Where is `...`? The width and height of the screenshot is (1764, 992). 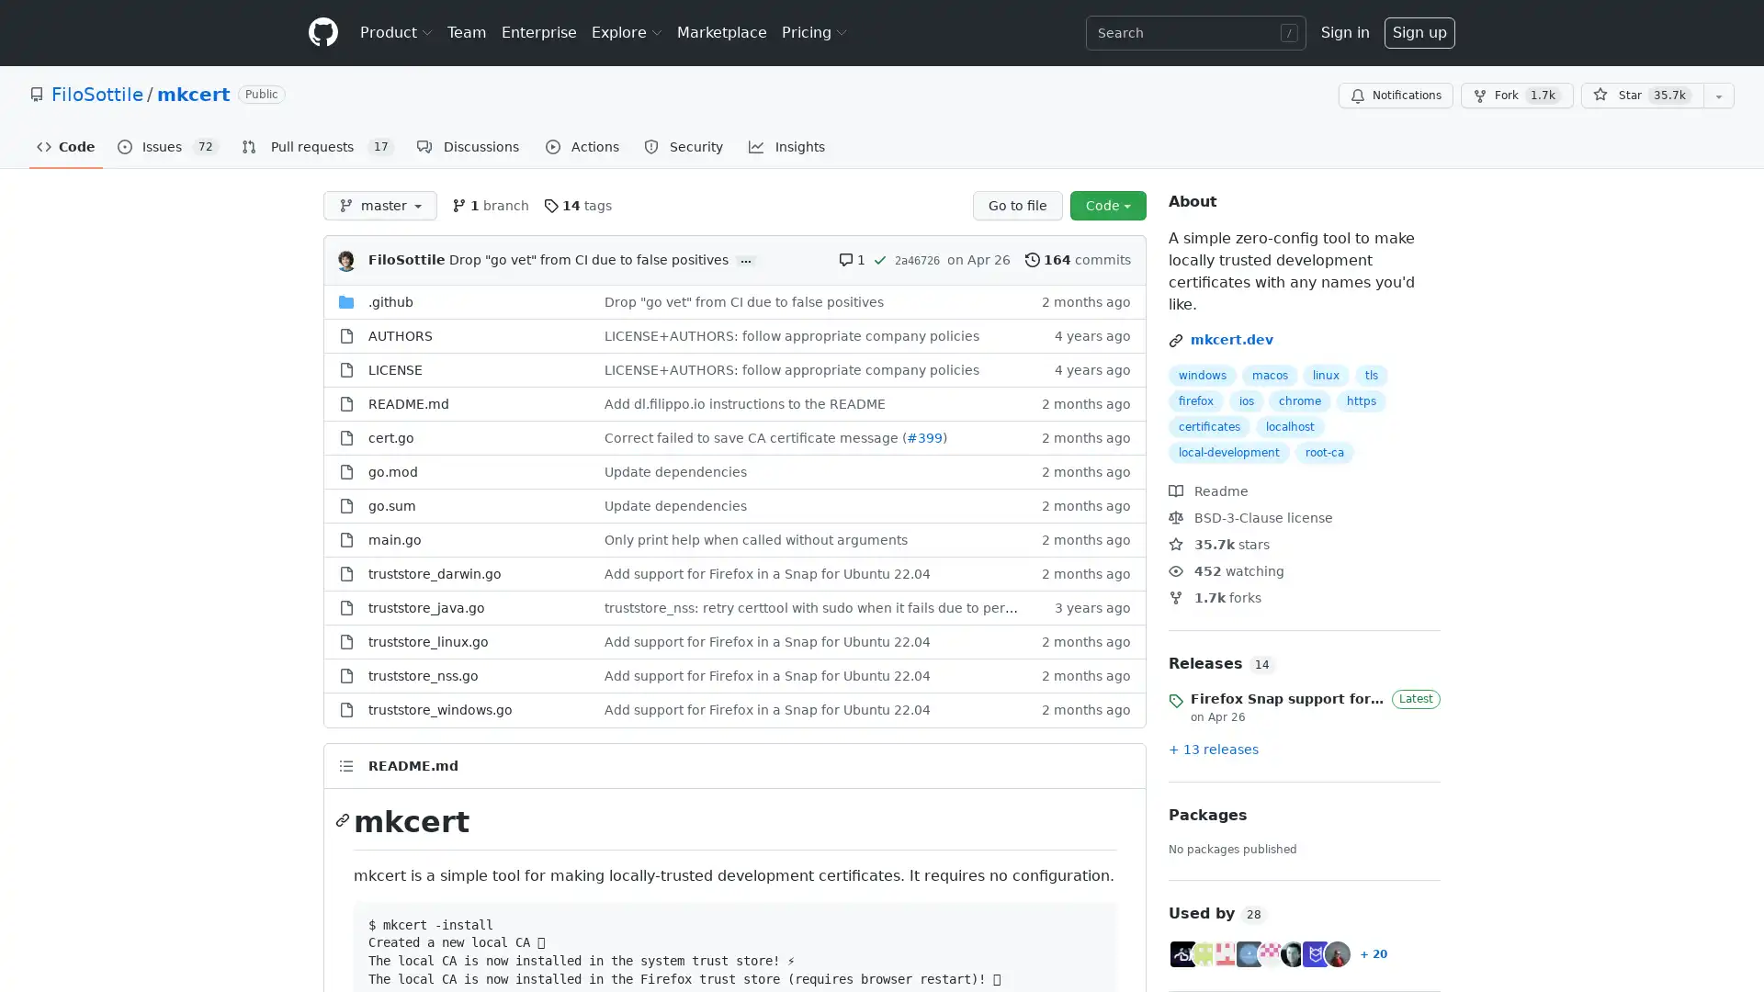
... is located at coordinates (745, 261).